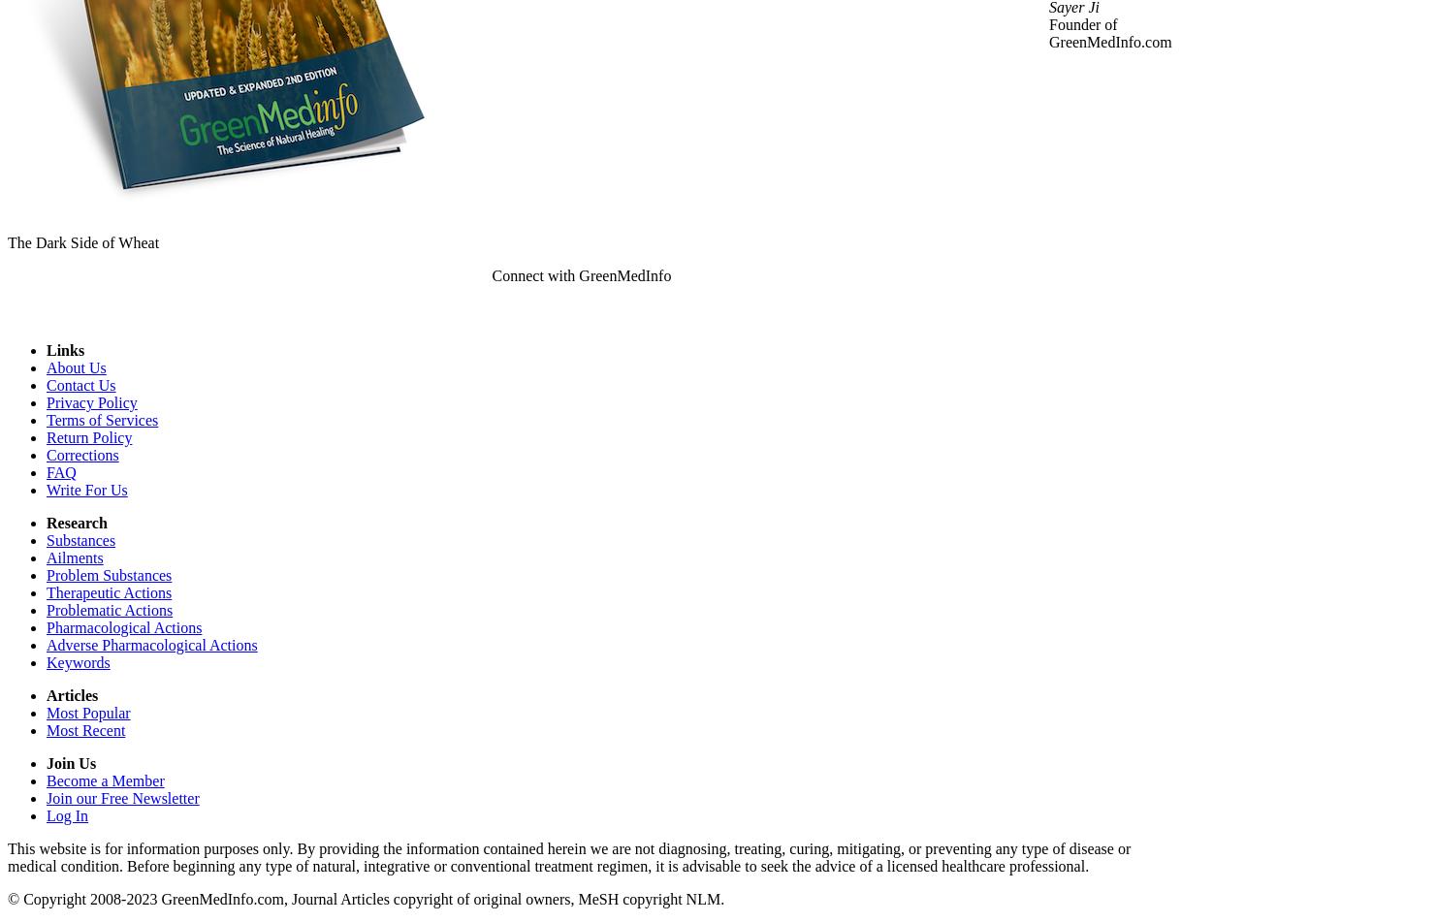  What do you see at coordinates (47, 797) in the screenshot?
I see `'Join our Free Newsletter'` at bounding box center [47, 797].